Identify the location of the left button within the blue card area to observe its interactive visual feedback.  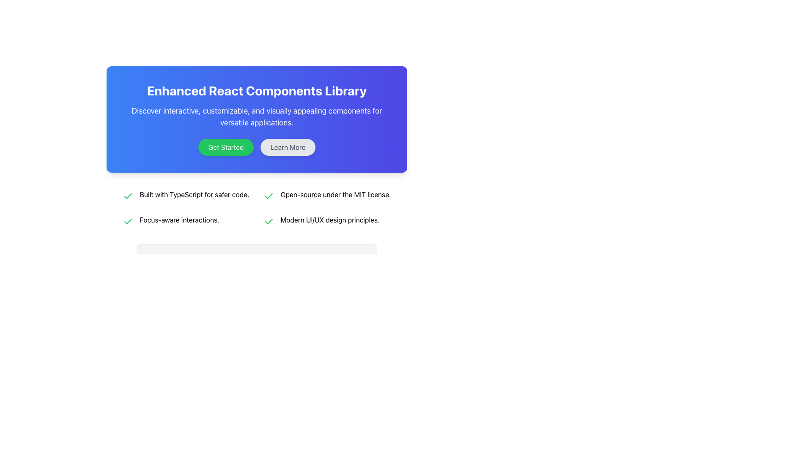
(226, 147).